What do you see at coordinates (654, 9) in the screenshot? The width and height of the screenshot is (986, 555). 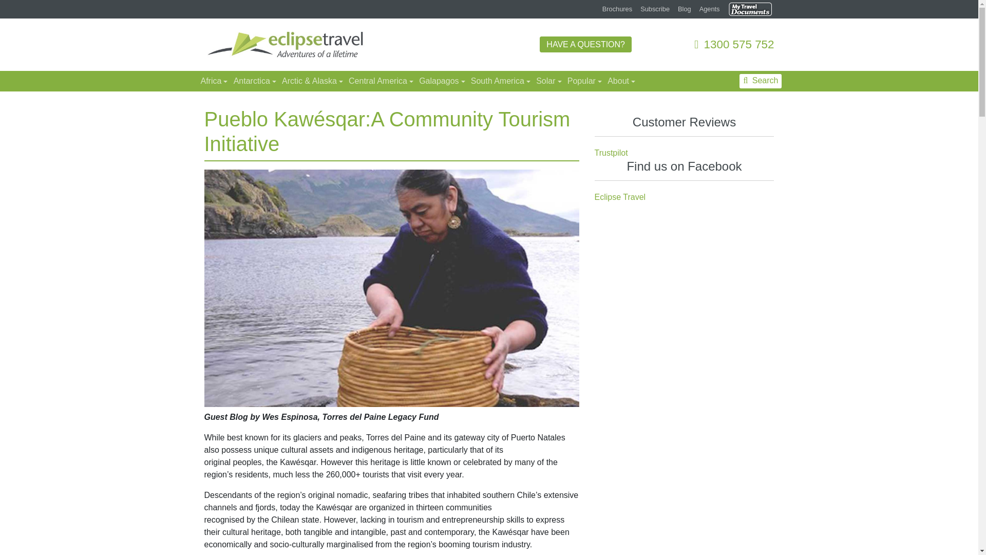 I see `'Subscribe'` at bounding box center [654, 9].